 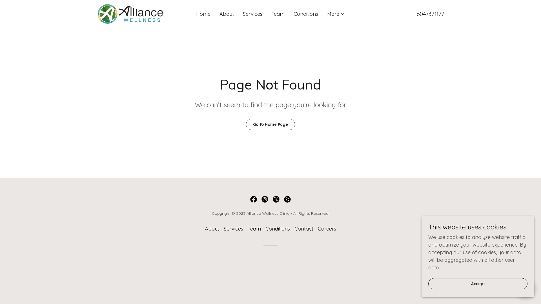 I want to click on 'More', so click(x=336, y=14).